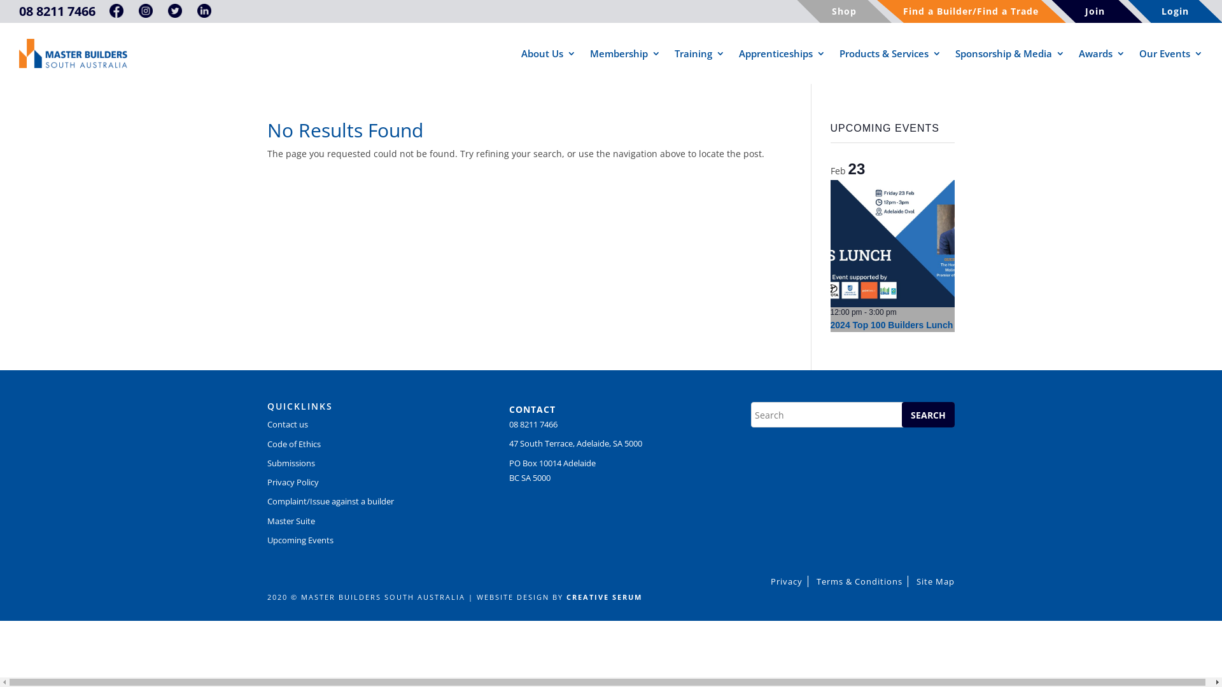 The image size is (1222, 687). I want to click on 'Training', so click(699, 53).